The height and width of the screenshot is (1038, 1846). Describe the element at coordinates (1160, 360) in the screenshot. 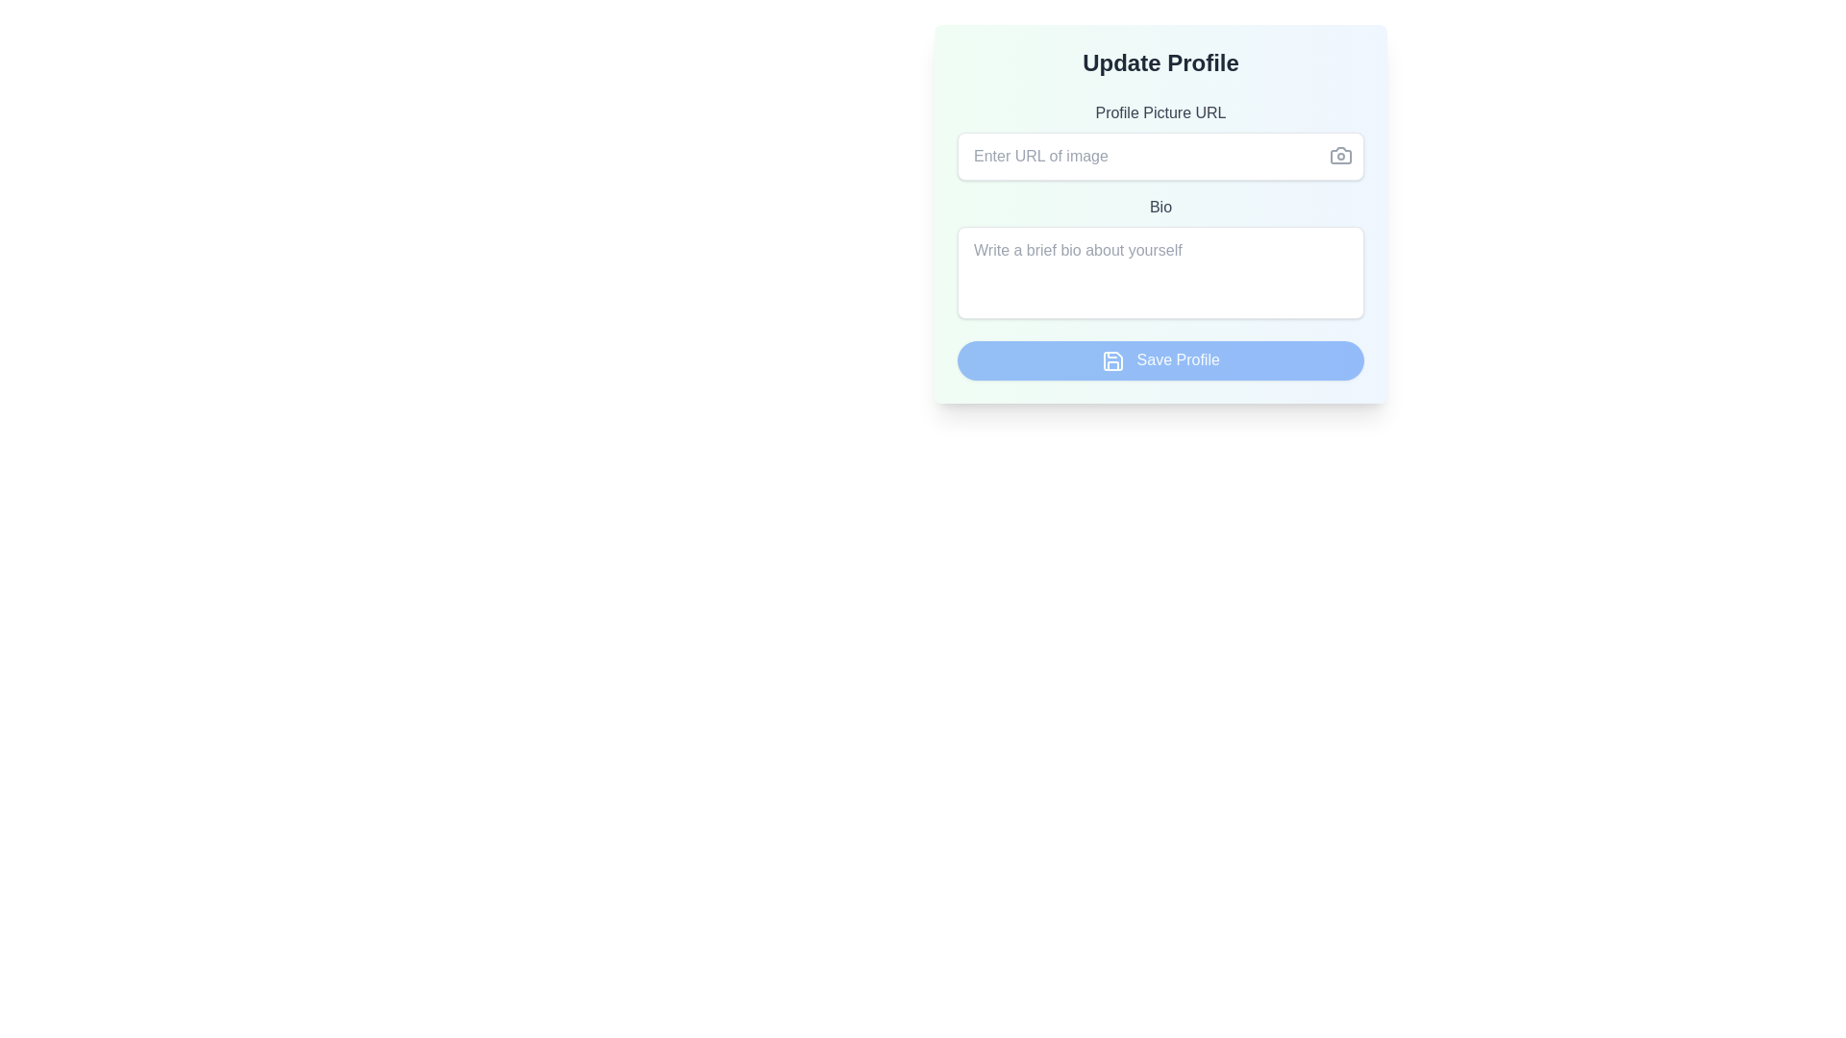

I see `the 'Save Profile' button located at the bottom of the 'Update Profile' form` at that location.